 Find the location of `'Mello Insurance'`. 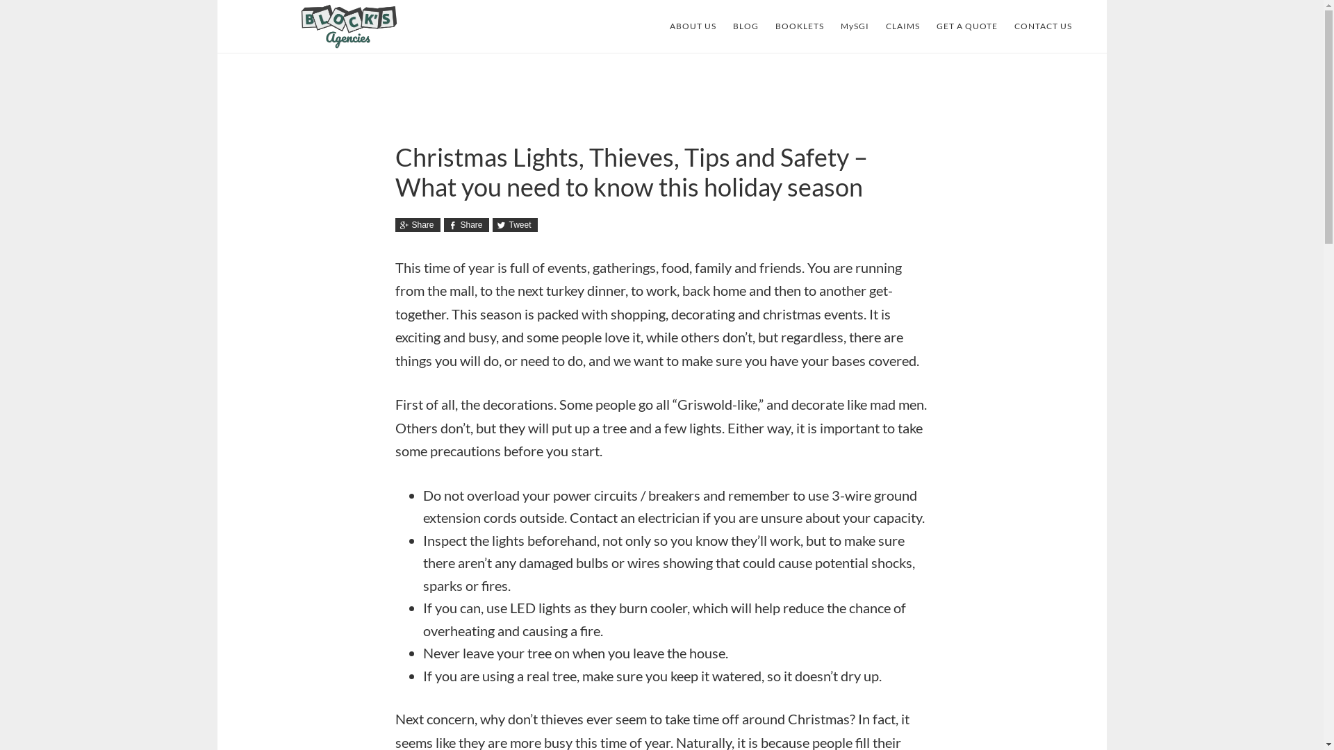

'Mello Insurance' is located at coordinates (349, 26).